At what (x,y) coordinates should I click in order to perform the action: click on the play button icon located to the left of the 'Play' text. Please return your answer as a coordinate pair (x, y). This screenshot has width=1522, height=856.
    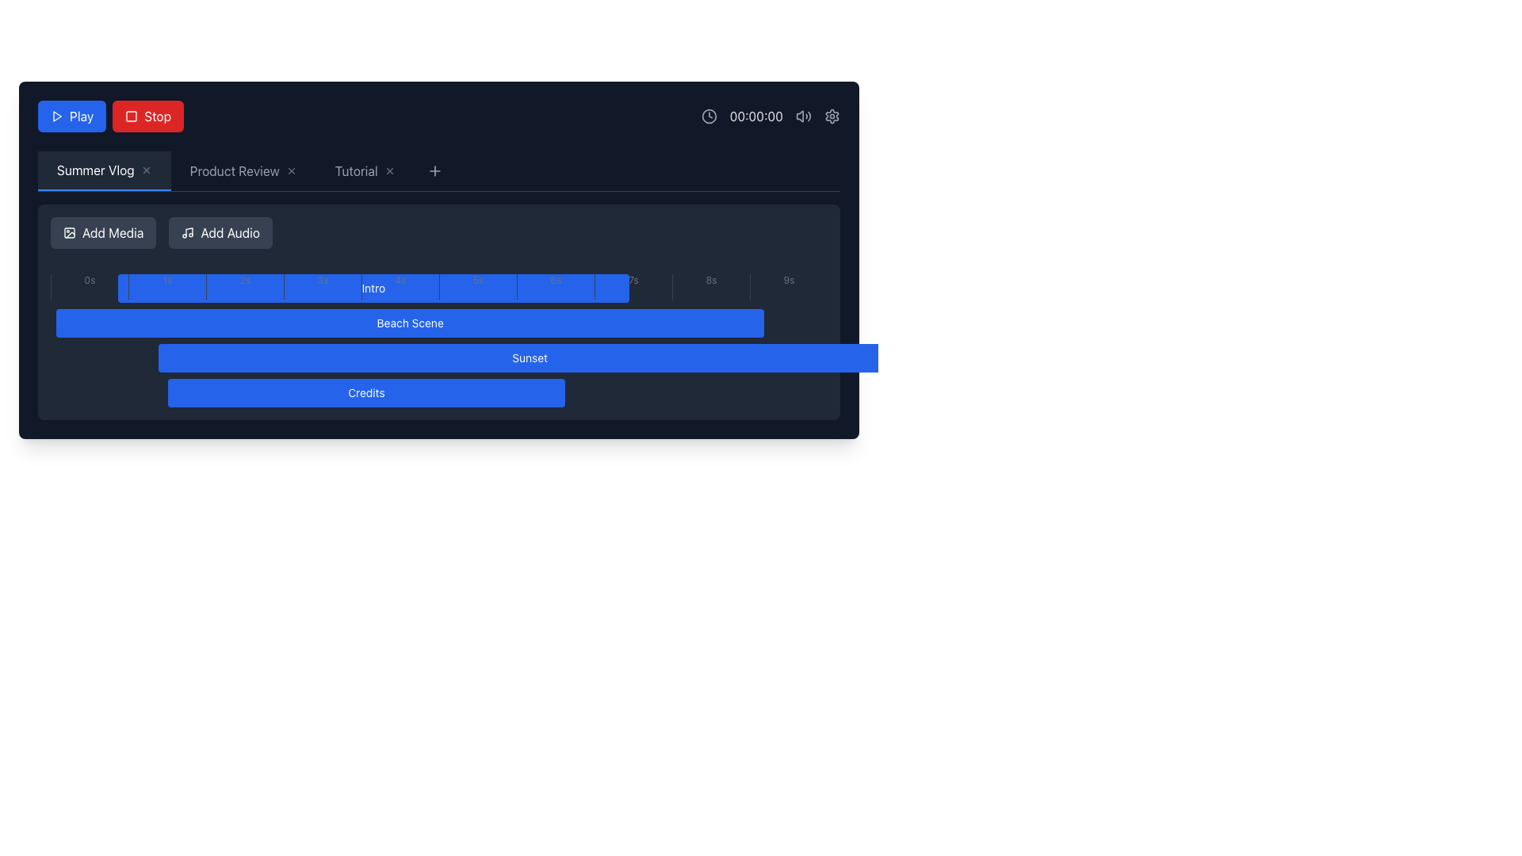
    Looking at the image, I should click on (57, 115).